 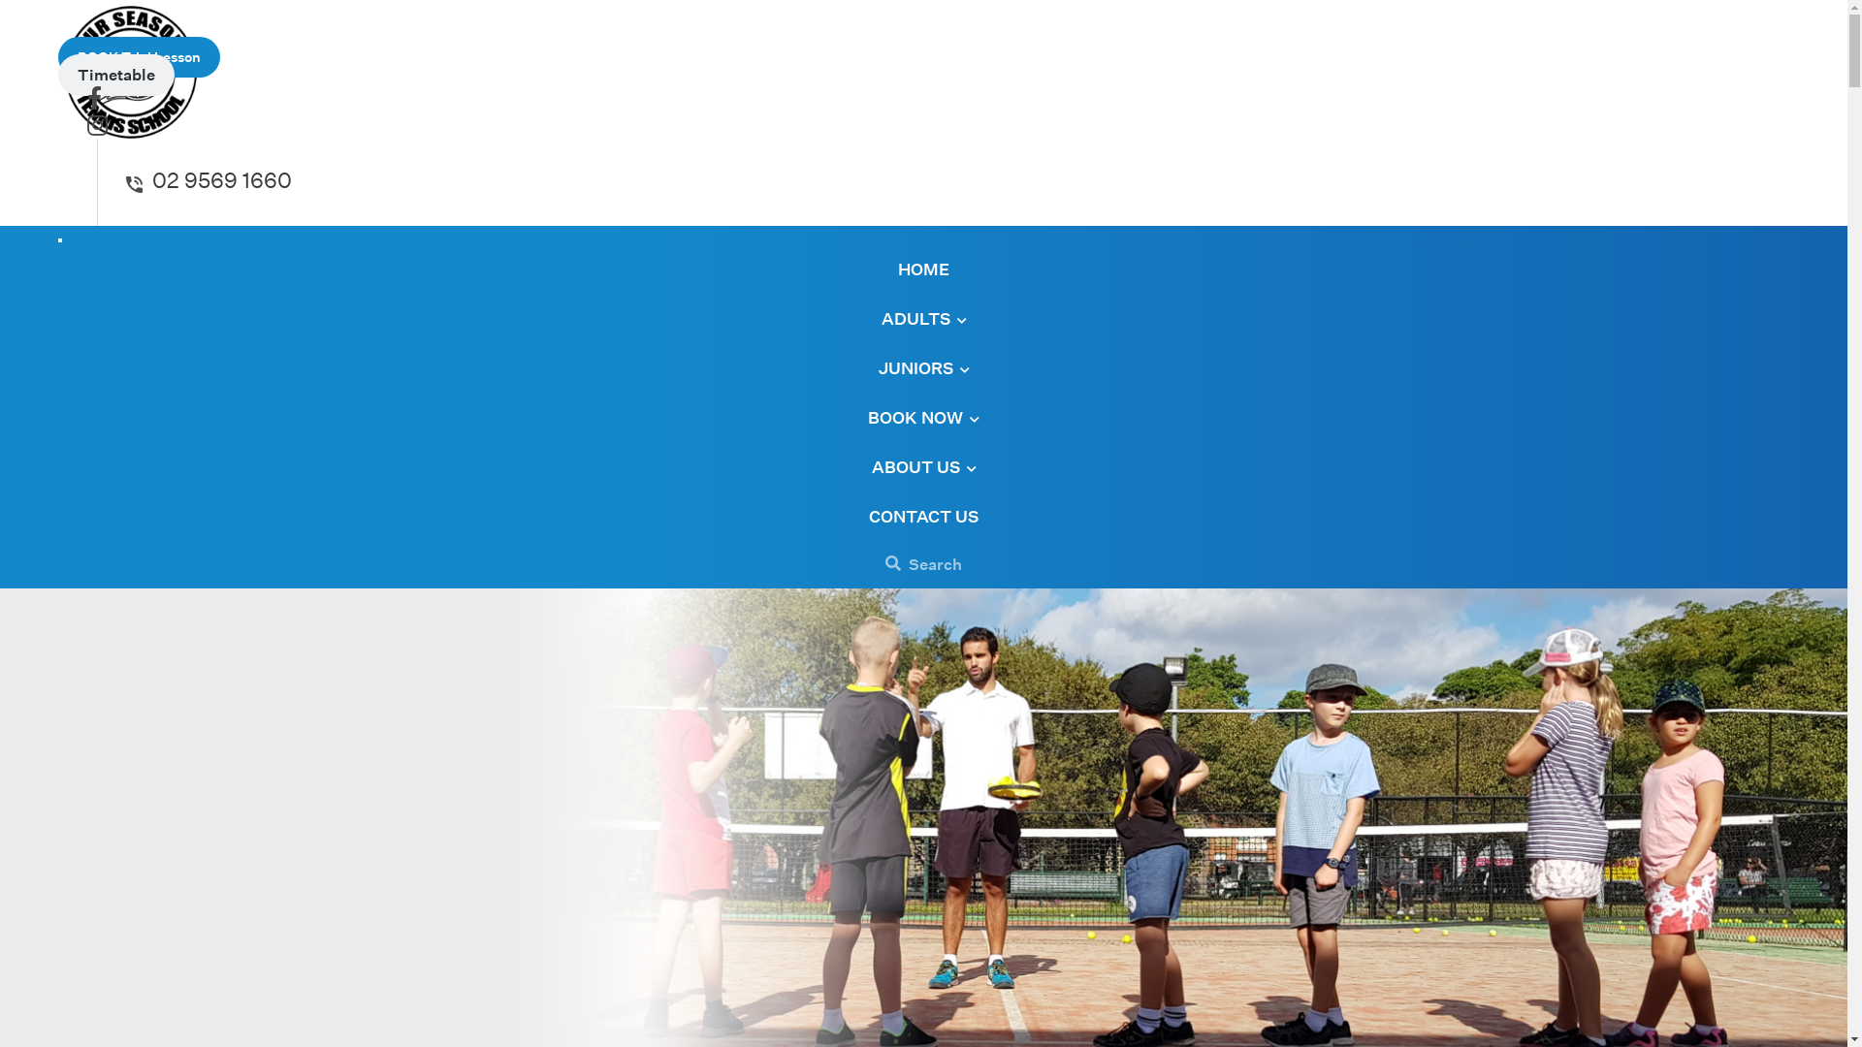 What do you see at coordinates (921, 317) in the screenshot?
I see `'ADULTS'` at bounding box center [921, 317].